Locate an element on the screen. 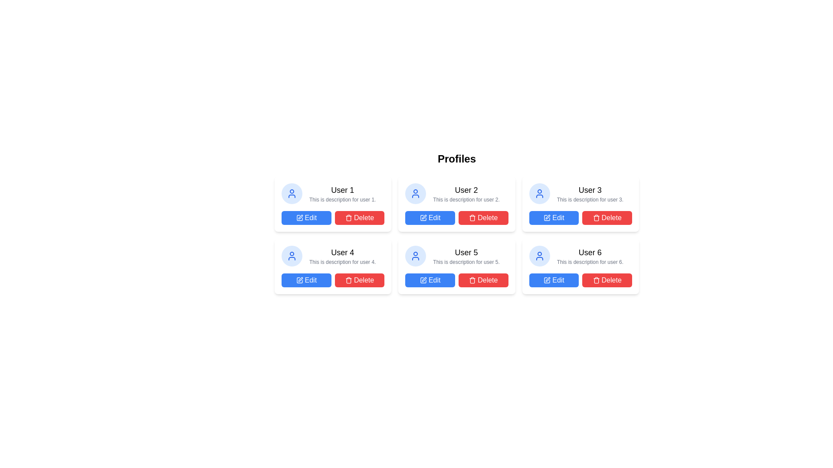  the red 'Delete' button with white text and a trash can icon is located at coordinates (607, 280).